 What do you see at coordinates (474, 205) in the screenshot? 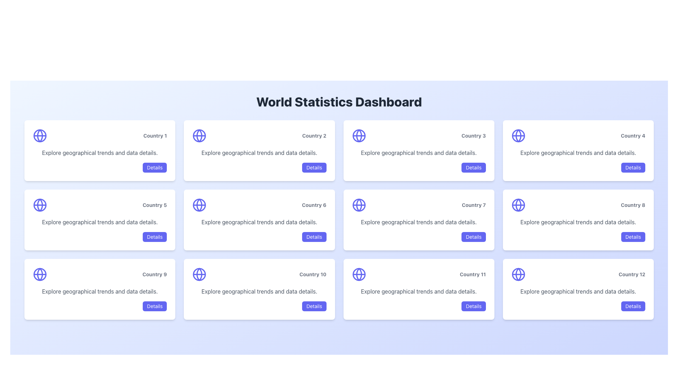
I see `the text label located in the top-right of the card, which serves as the title or identifier for the card's content` at bounding box center [474, 205].